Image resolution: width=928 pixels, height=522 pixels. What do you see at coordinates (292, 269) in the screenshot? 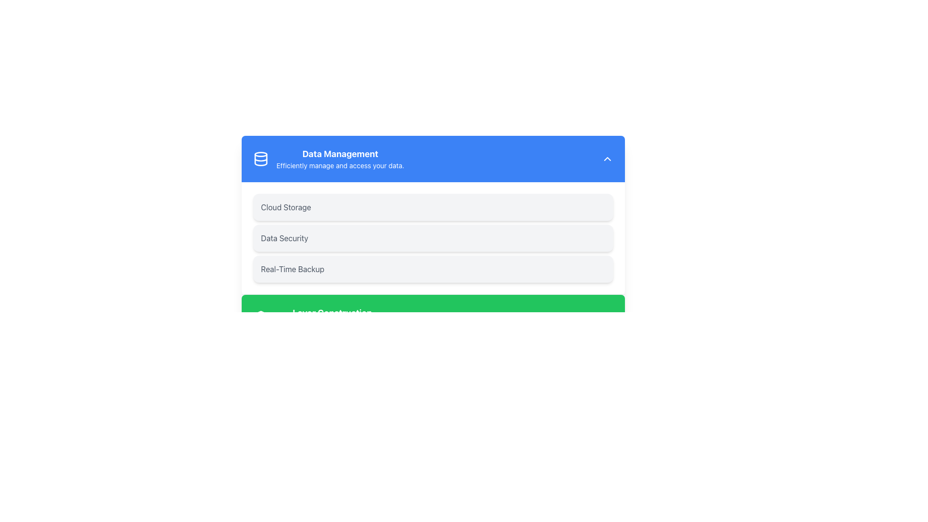
I see `the 'Real-Time Backup' text label, which is styled in gray on a rounded light-gray background, located in the 'Data Management' section` at bounding box center [292, 269].